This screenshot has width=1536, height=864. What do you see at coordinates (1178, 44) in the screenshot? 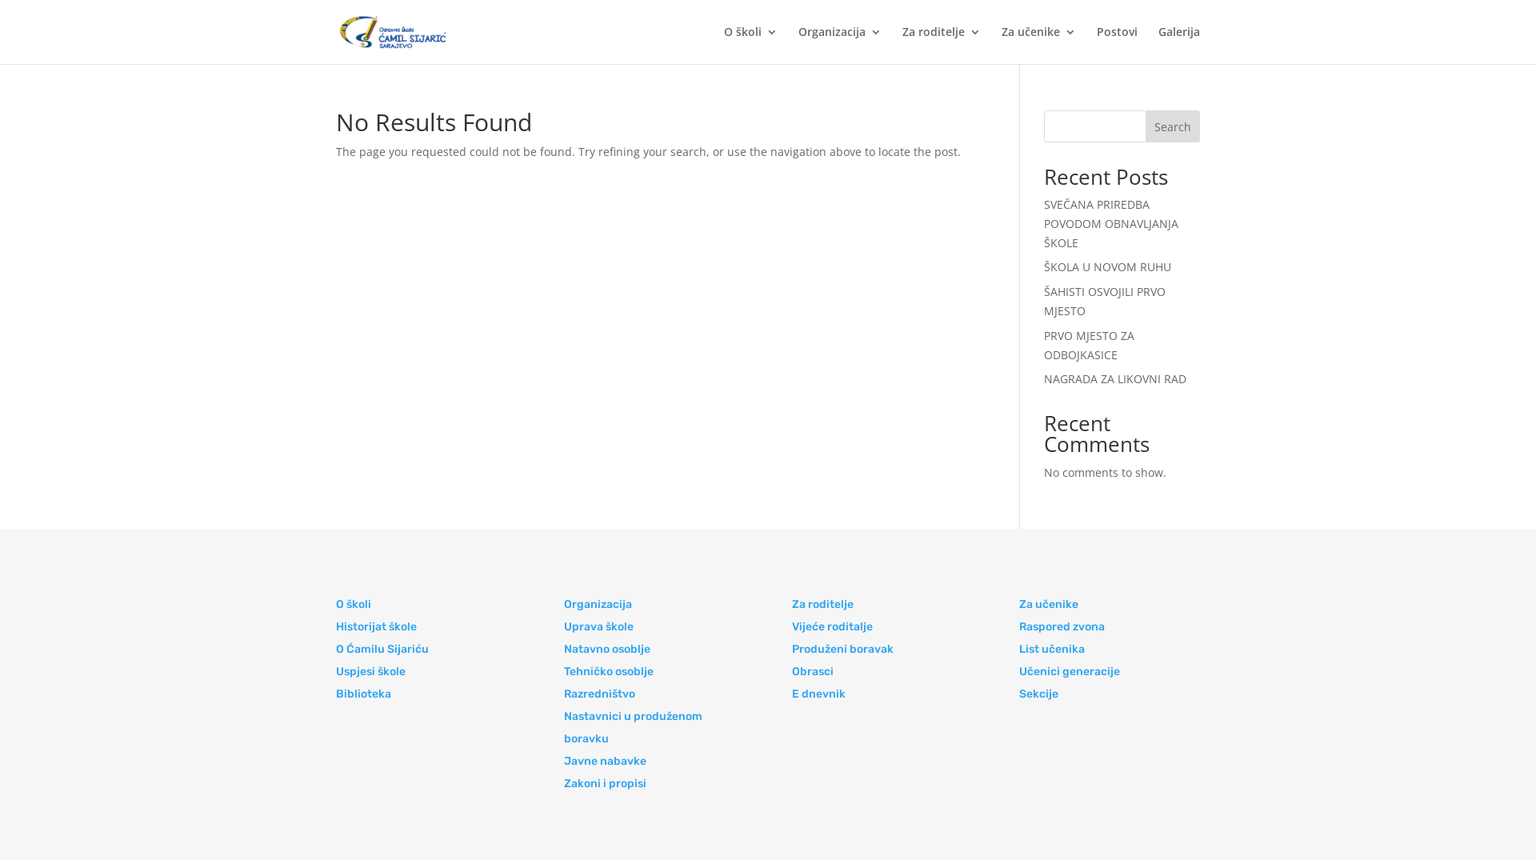
I see `'Galerija'` at bounding box center [1178, 44].